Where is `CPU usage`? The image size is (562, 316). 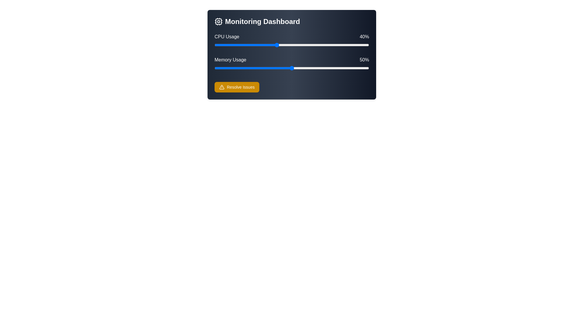
CPU usage is located at coordinates (276, 45).